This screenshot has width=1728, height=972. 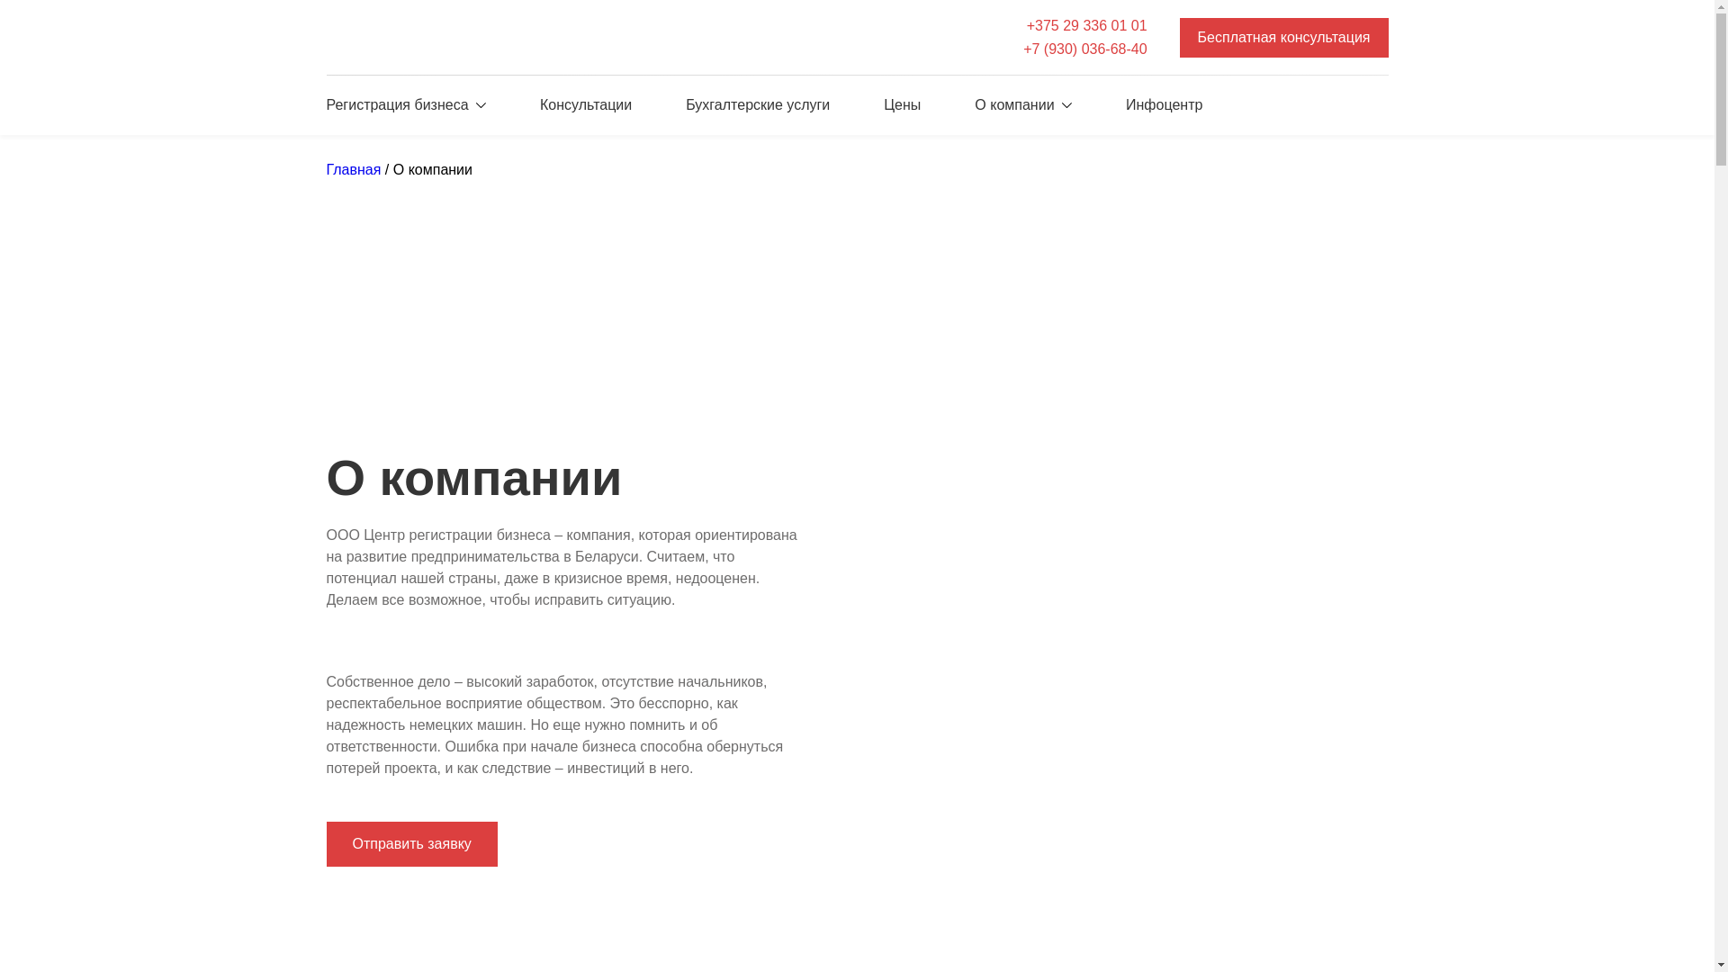 I want to click on '+375 29 336 01 01', so click(x=1023, y=26).